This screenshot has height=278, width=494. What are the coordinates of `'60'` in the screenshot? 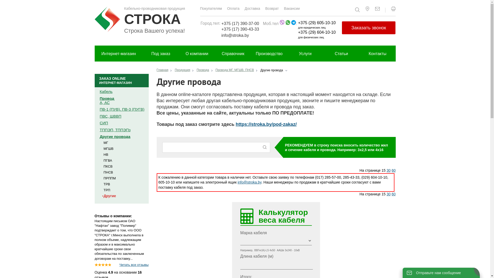 It's located at (393, 194).